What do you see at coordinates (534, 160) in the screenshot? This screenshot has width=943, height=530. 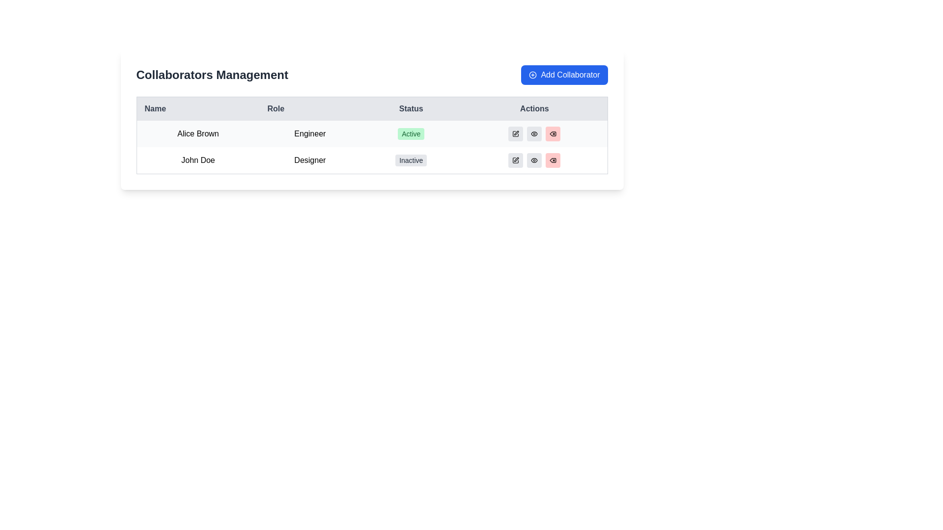 I see `the 'hide' button with a gray background and rounded corners in the 'Actions' column of the second row for user 'John Doe'` at bounding box center [534, 160].